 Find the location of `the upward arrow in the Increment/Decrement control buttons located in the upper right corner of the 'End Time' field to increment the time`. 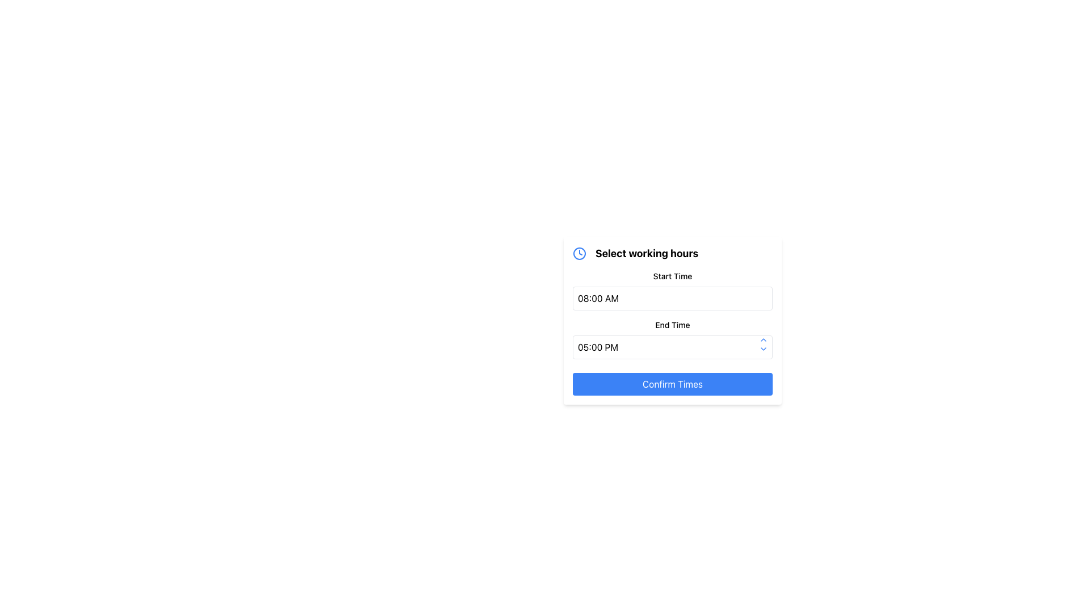

the upward arrow in the Increment/Decrement control buttons located in the upper right corner of the 'End Time' field to increment the time is located at coordinates (763, 343).